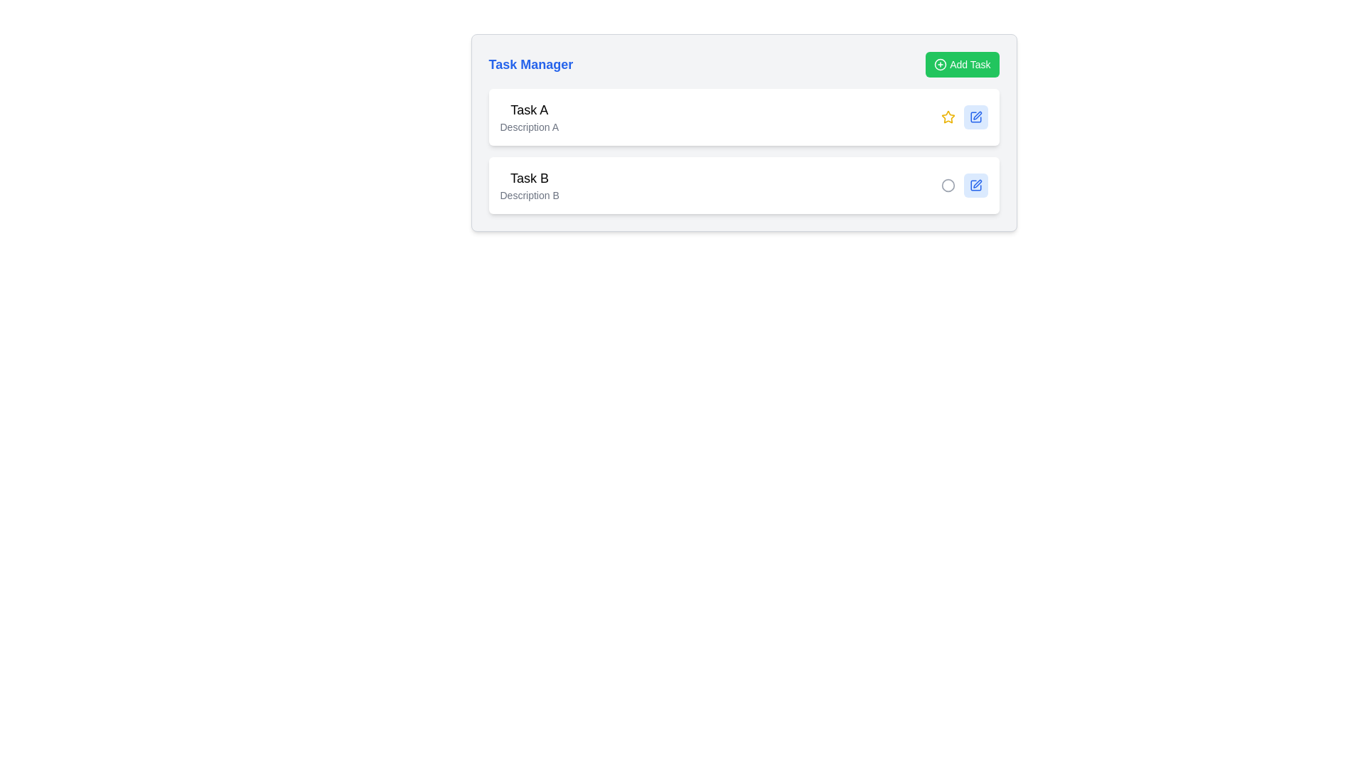 The height and width of the screenshot is (768, 1365). What do you see at coordinates (528, 126) in the screenshot?
I see `the text label 'Description A' styled in smaller grey font, located below 'Task A' in the first card of the 'Task Manager' interface` at bounding box center [528, 126].